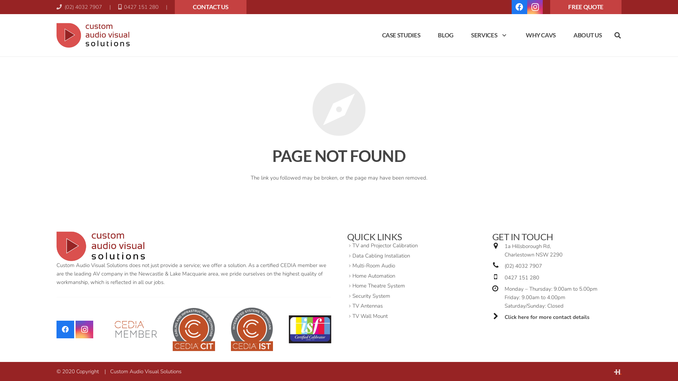 The width and height of the screenshot is (678, 381). Describe the element at coordinates (352, 256) in the screenshot. I see `'Data Cabling Installation'` at that location.